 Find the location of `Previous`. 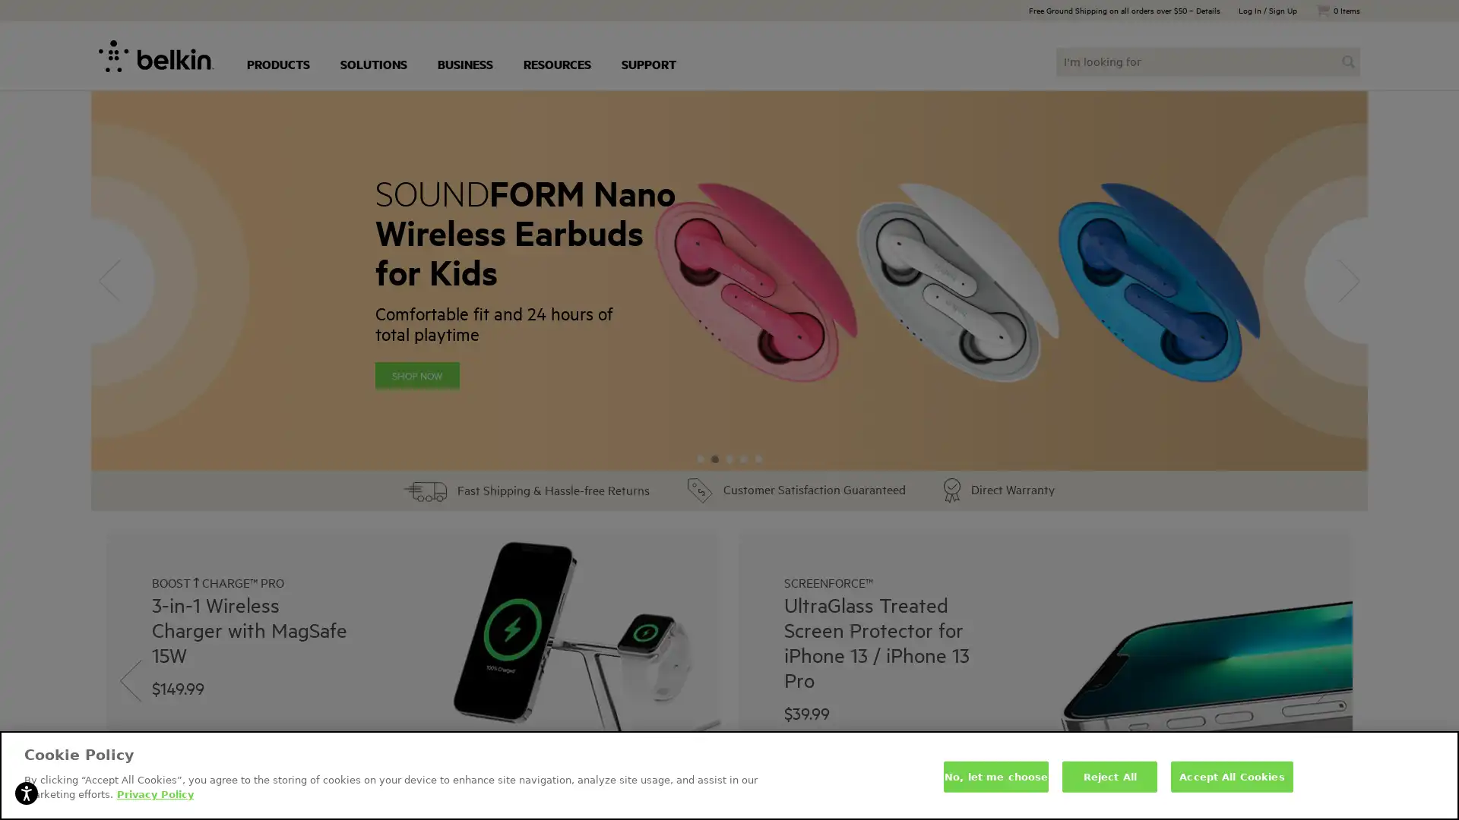

Previous is located at coordinates (131, 680).